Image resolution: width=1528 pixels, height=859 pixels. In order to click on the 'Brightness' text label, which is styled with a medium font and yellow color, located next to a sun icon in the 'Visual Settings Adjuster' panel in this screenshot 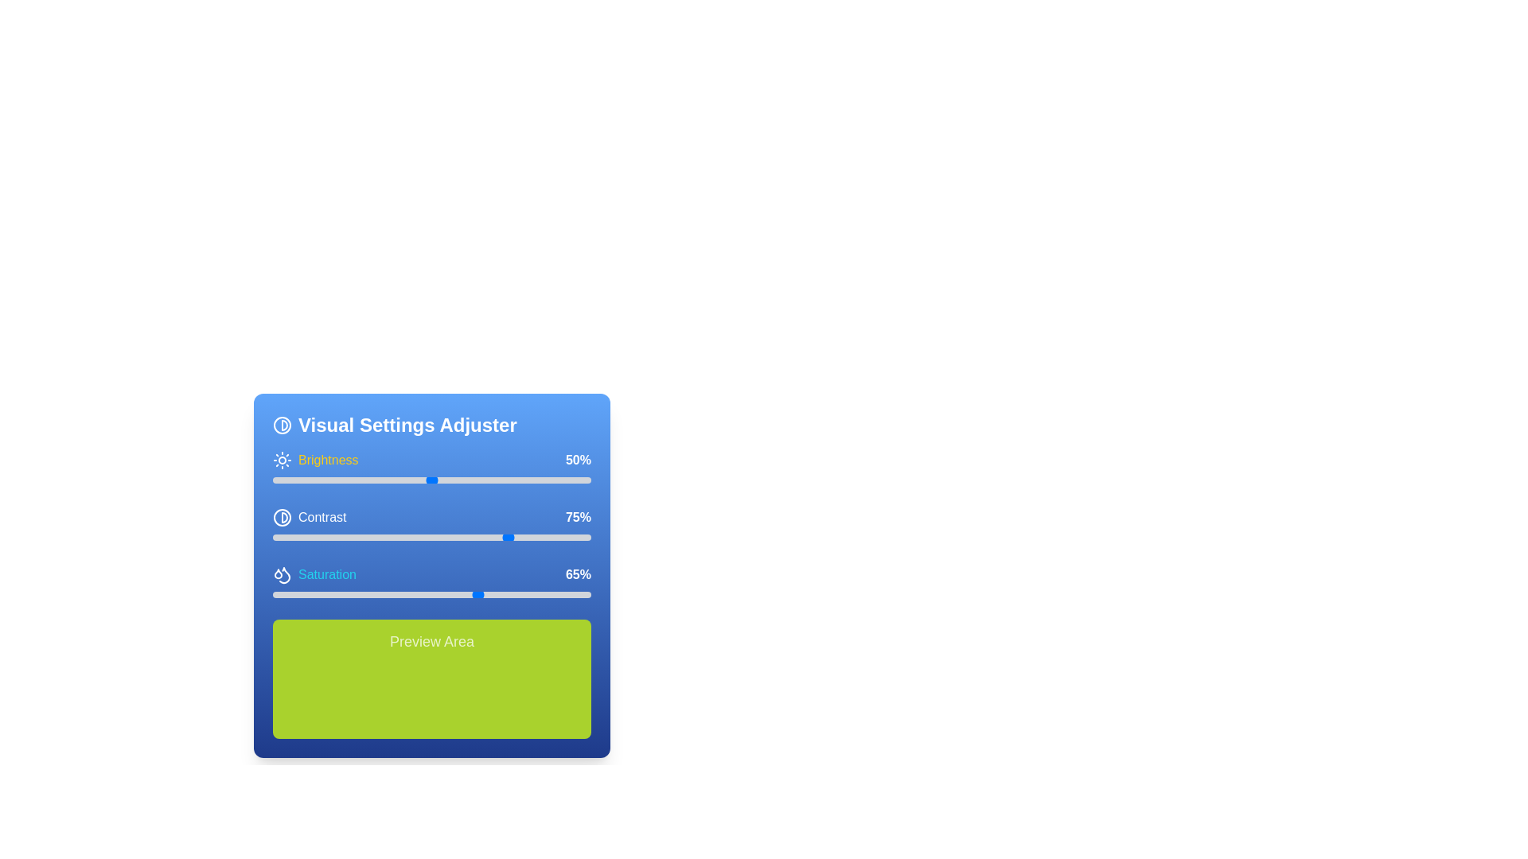, I will do `click(315, 460)`.